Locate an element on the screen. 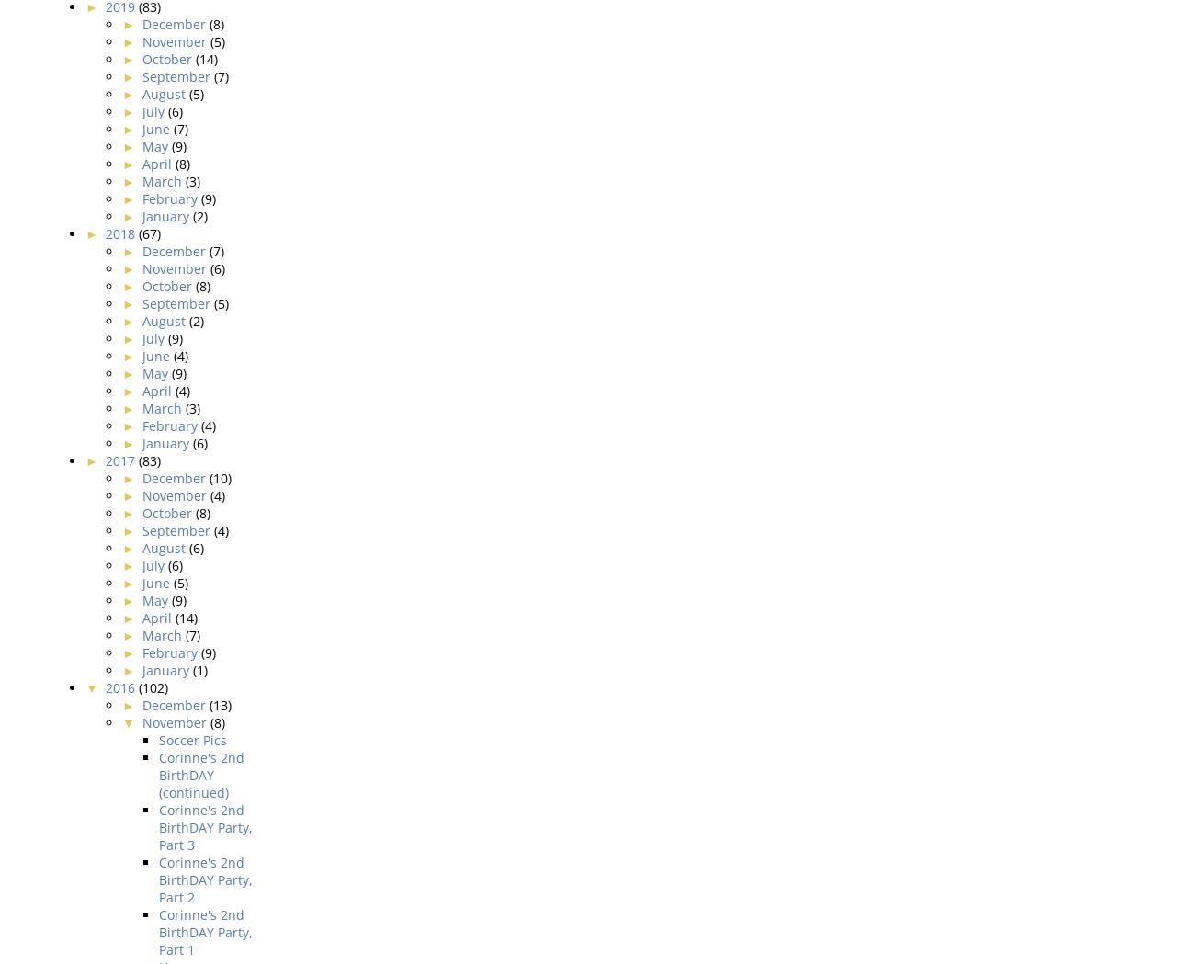  '(1)' is located at coordinates (199, 668).